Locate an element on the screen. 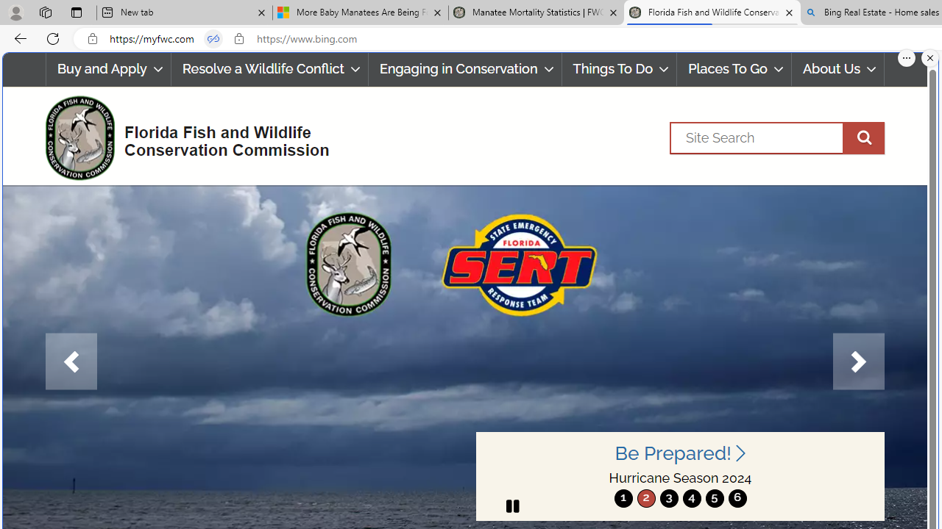 The height and width of the screenshot is (529, 942). '2' is located at coordinates (646, 497).